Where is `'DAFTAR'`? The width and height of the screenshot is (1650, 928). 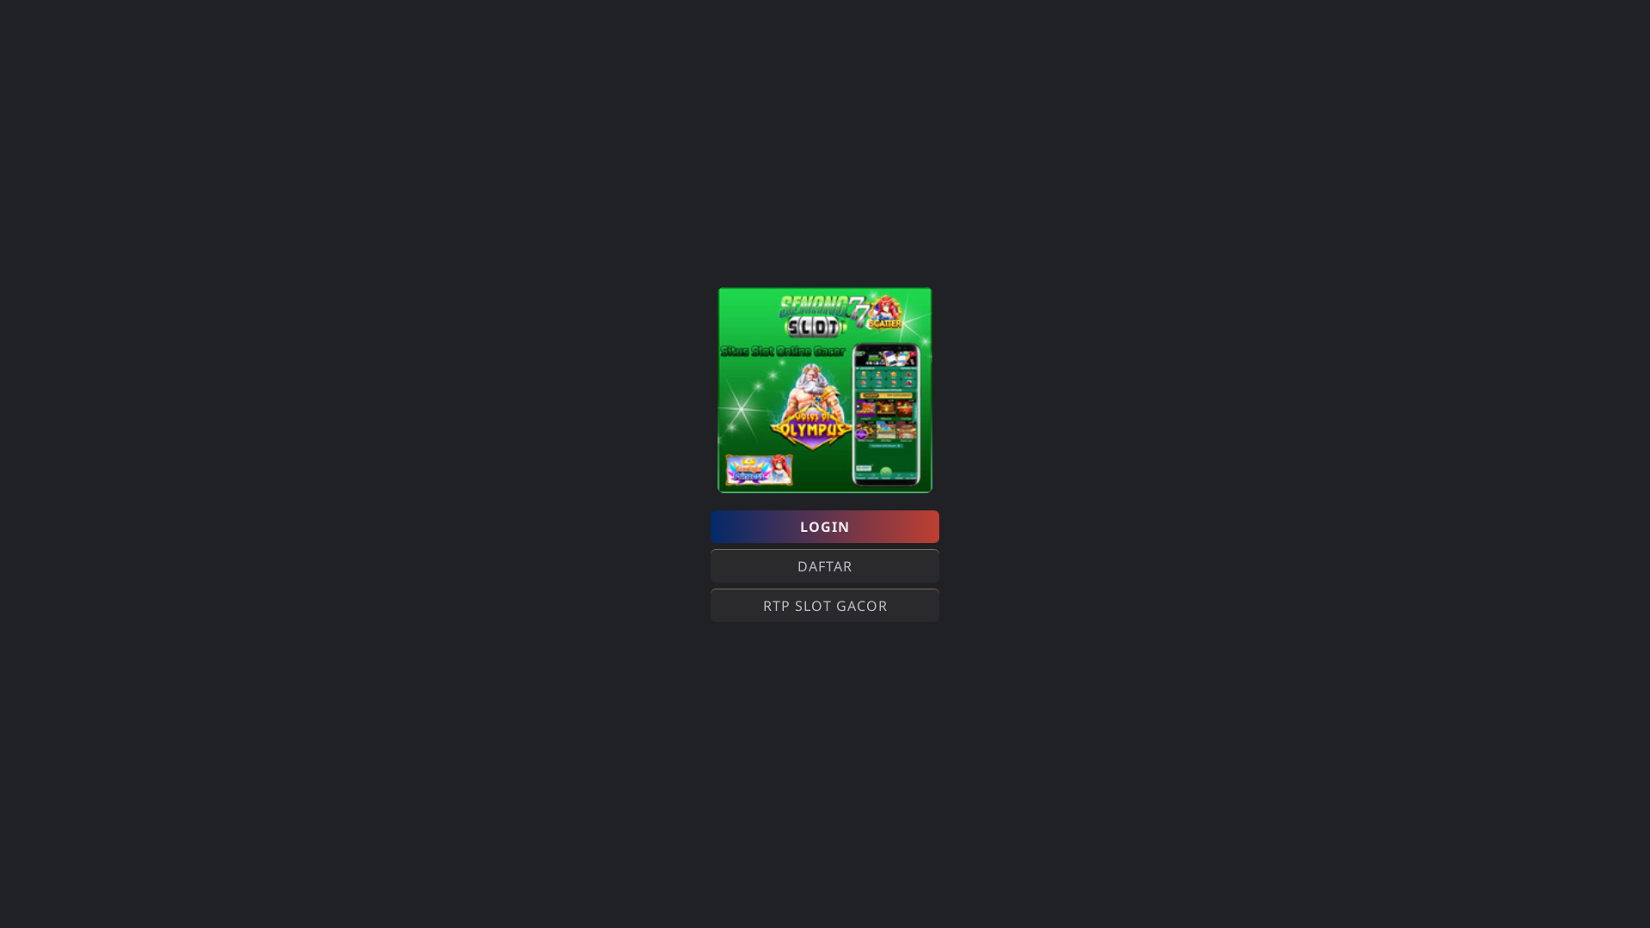
'DAFTAR' is located at coordinates (825, 566).